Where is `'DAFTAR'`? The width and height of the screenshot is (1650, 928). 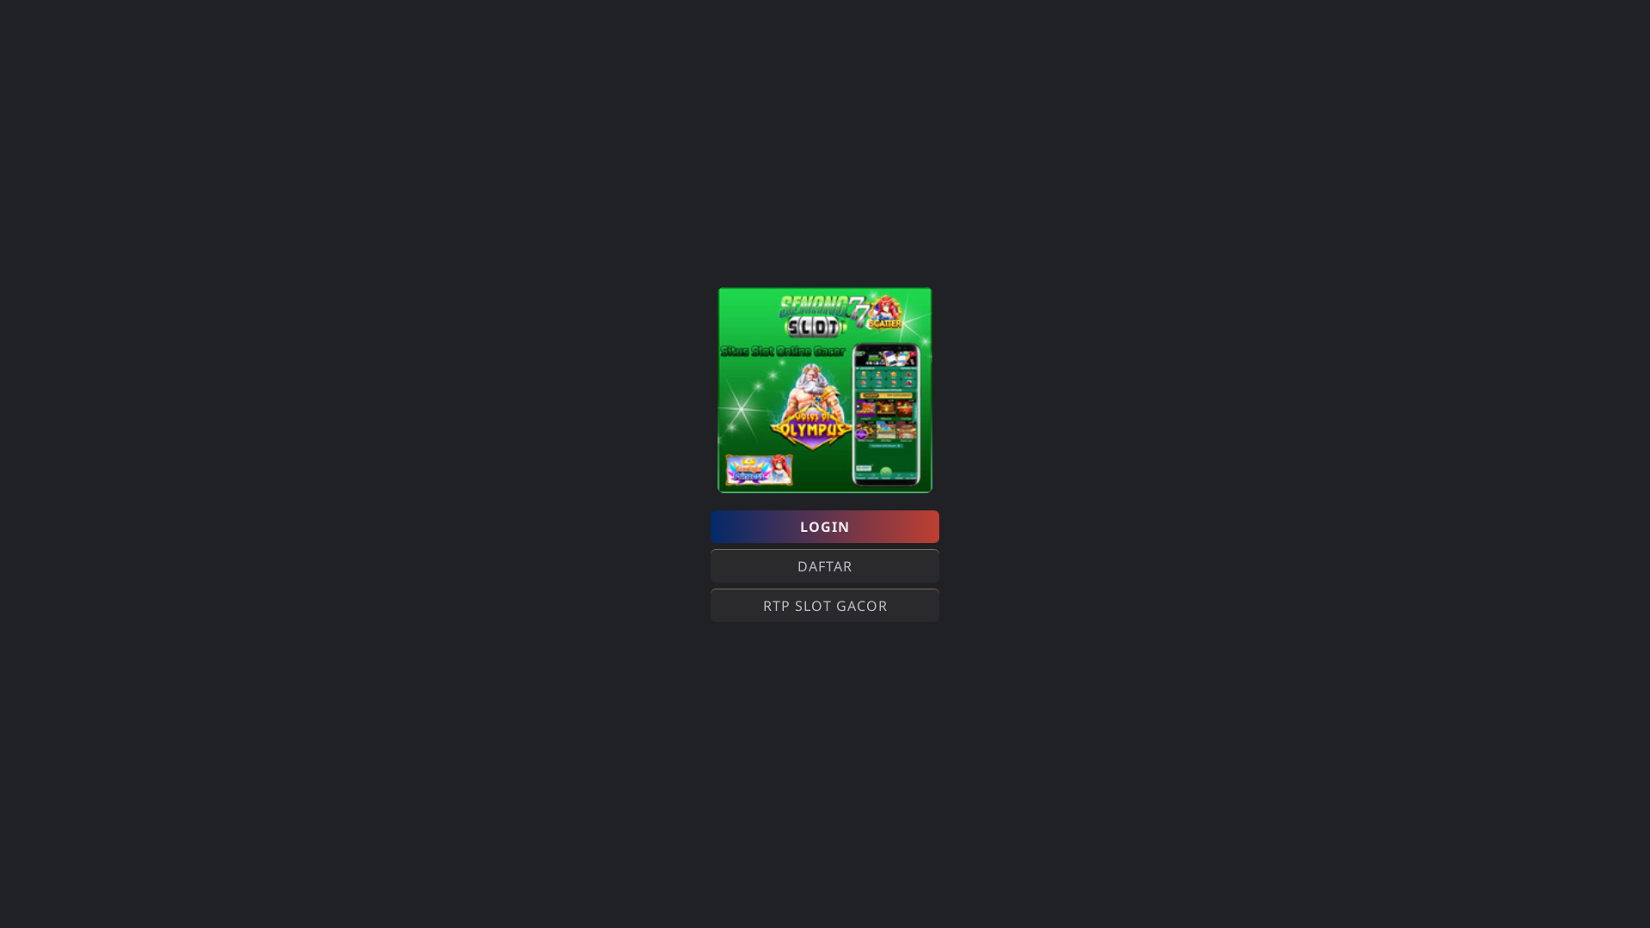
'DAFTAR' is located at coordinates (825, 566).